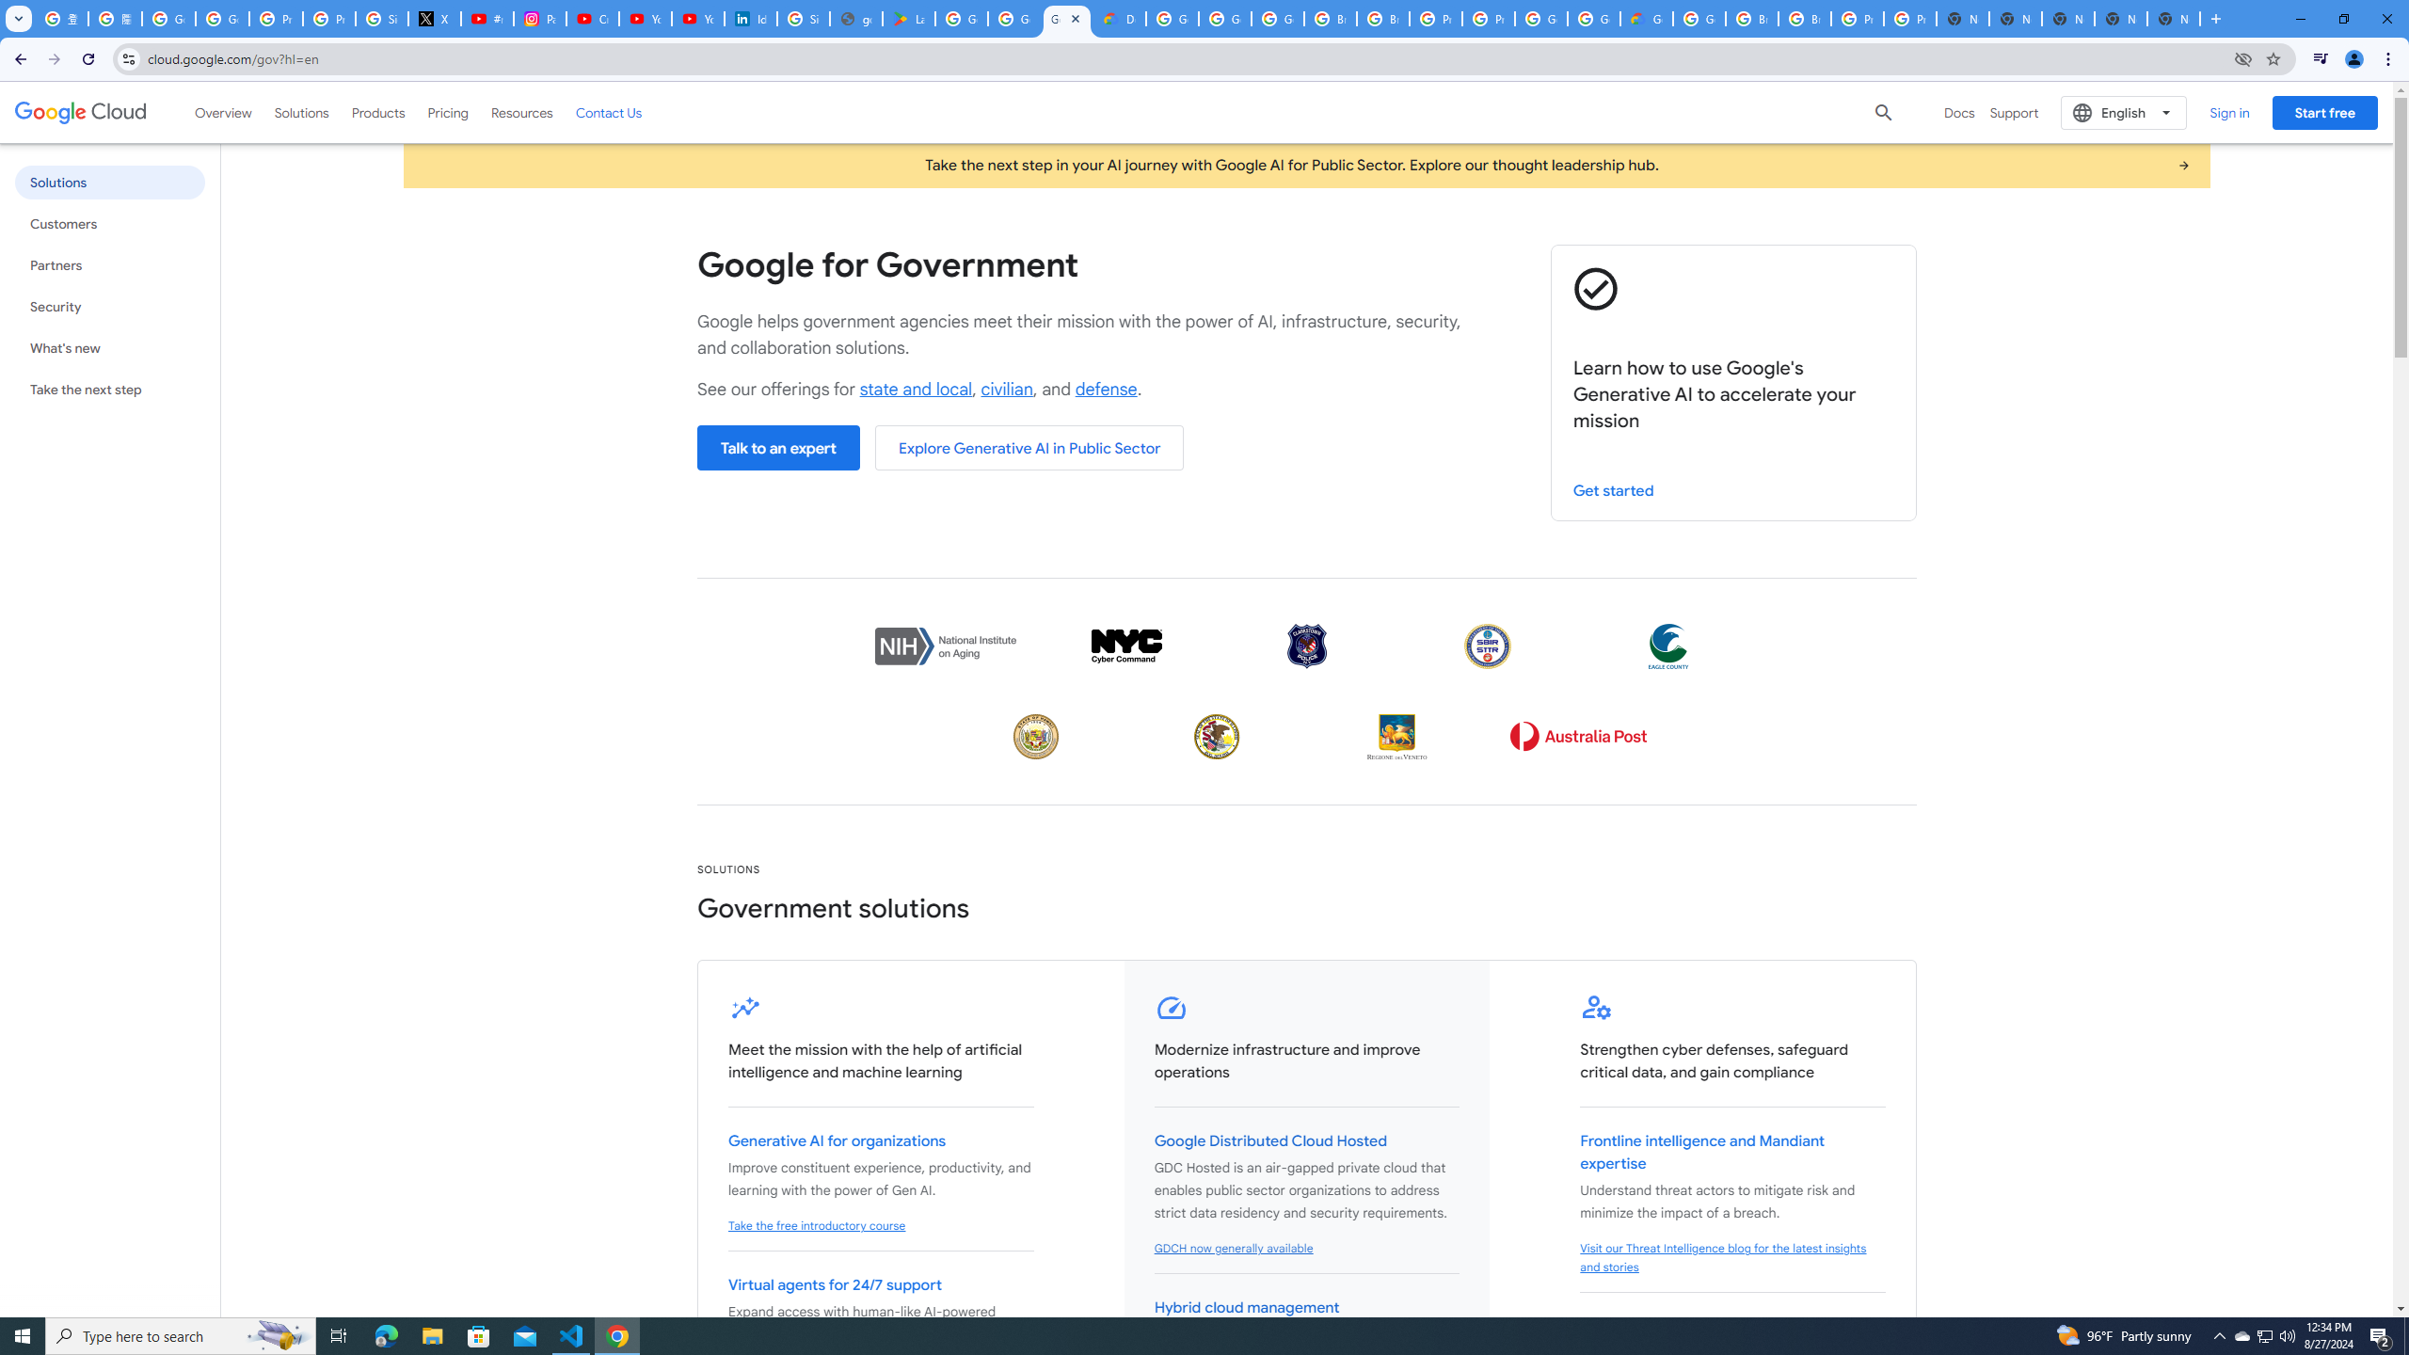  Describe the element at coordinates (1006, 389) in the screenshot. I see `'civilian'` at that location.